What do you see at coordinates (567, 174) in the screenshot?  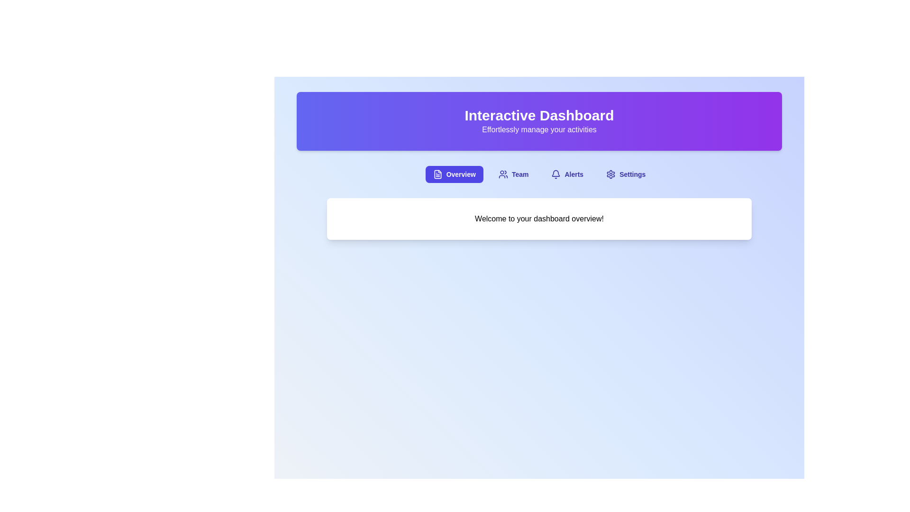 I see `the third button in the horizontal navigation bar` at bounding box center [567, 174].